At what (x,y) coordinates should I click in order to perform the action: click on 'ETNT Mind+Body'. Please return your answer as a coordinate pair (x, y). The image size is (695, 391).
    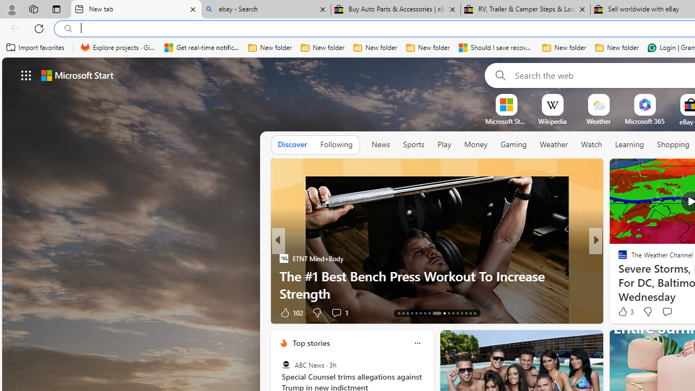
    Looking at the image, I should click on (283, 258).